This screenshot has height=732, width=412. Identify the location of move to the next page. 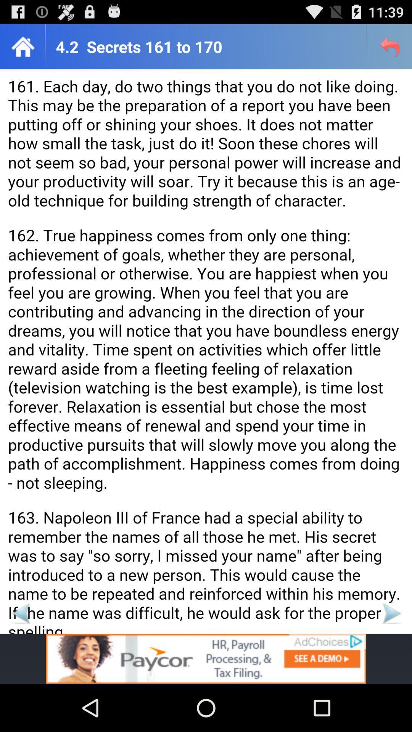
(391, 613).